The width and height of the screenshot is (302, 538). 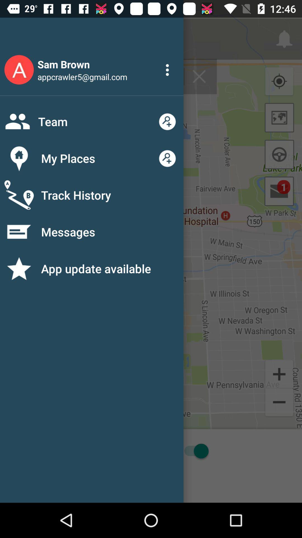 I want to click on the wallpaper icon, so click(x=279, y=117).